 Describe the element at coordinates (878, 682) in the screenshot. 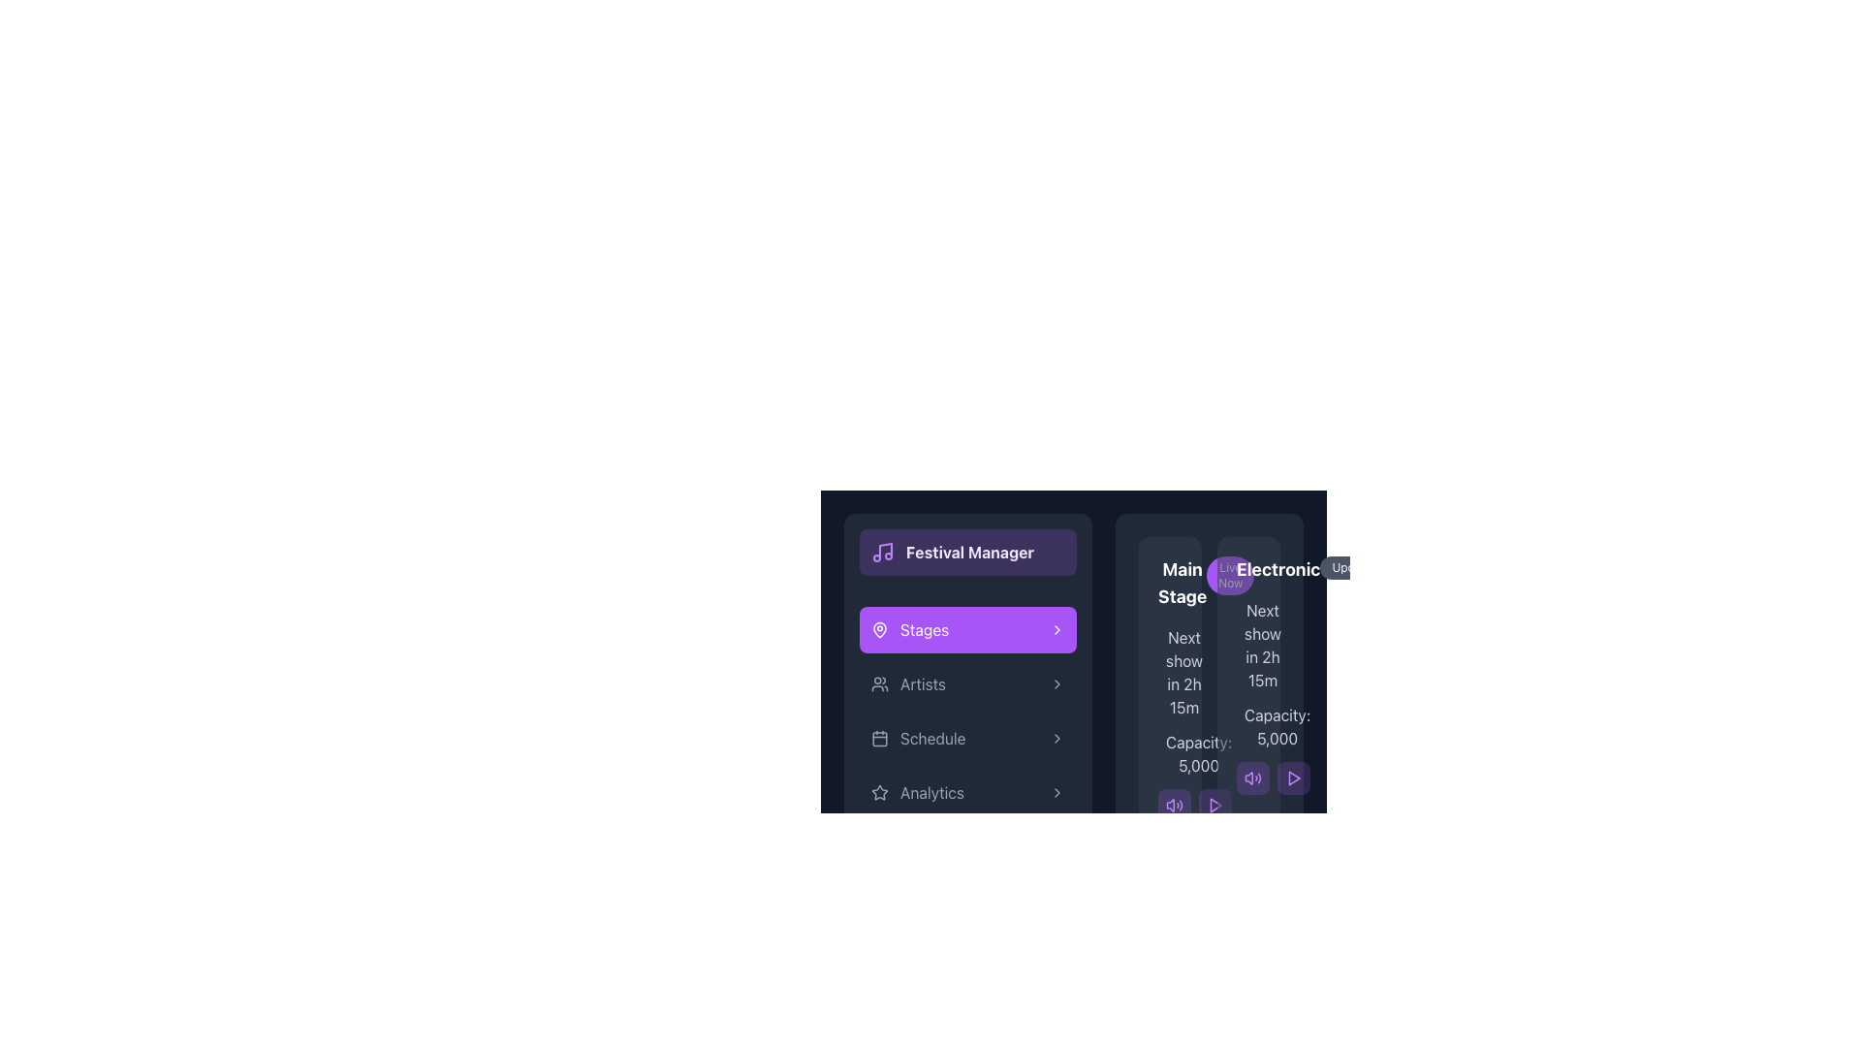

I see `the 'Artists' icon located in the left navigation panel, positioned below 'Stages' and above 'Schedule'` at that location.